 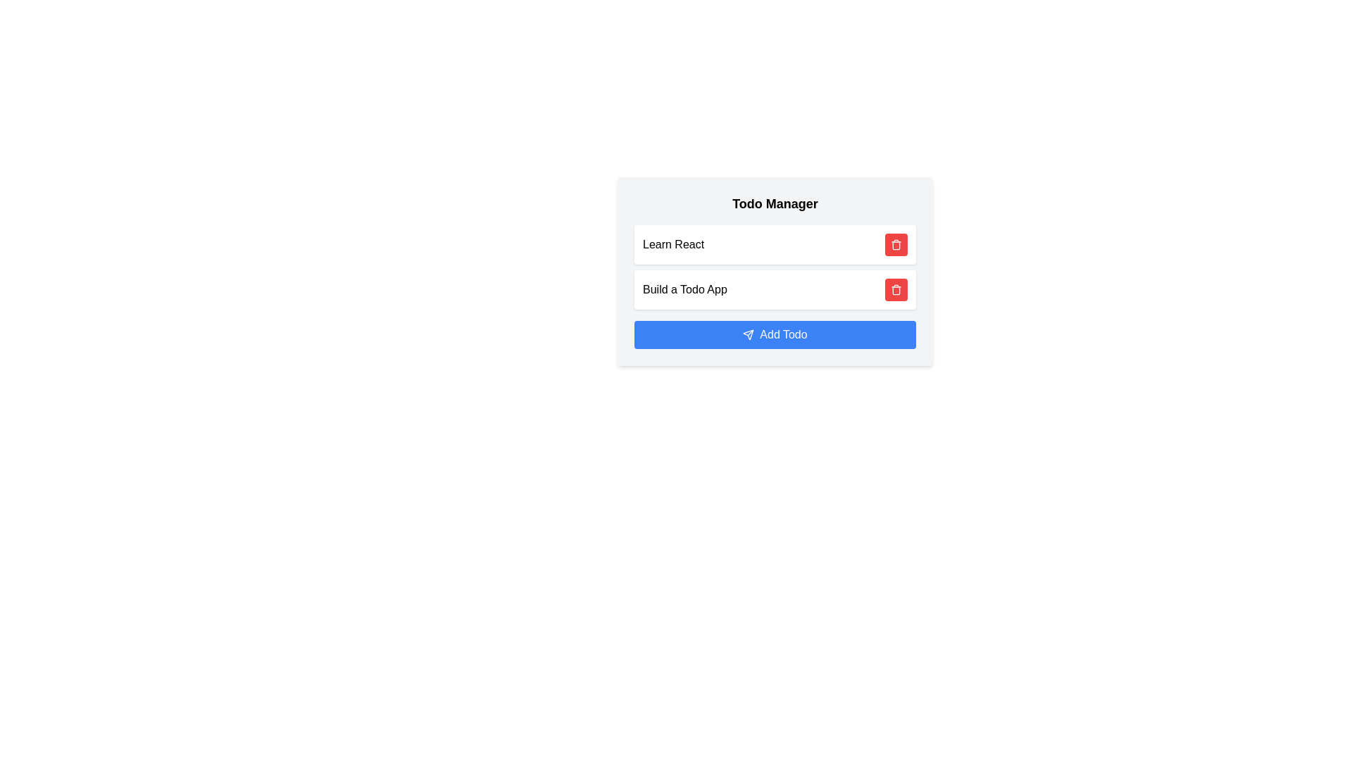 What do you see at coordinates (774, 334) in the screenshot?
I see `the button located at the bottom center of the 'Todo Manager' card to initiate adding a new todo item` at bounding box center [774, 334].